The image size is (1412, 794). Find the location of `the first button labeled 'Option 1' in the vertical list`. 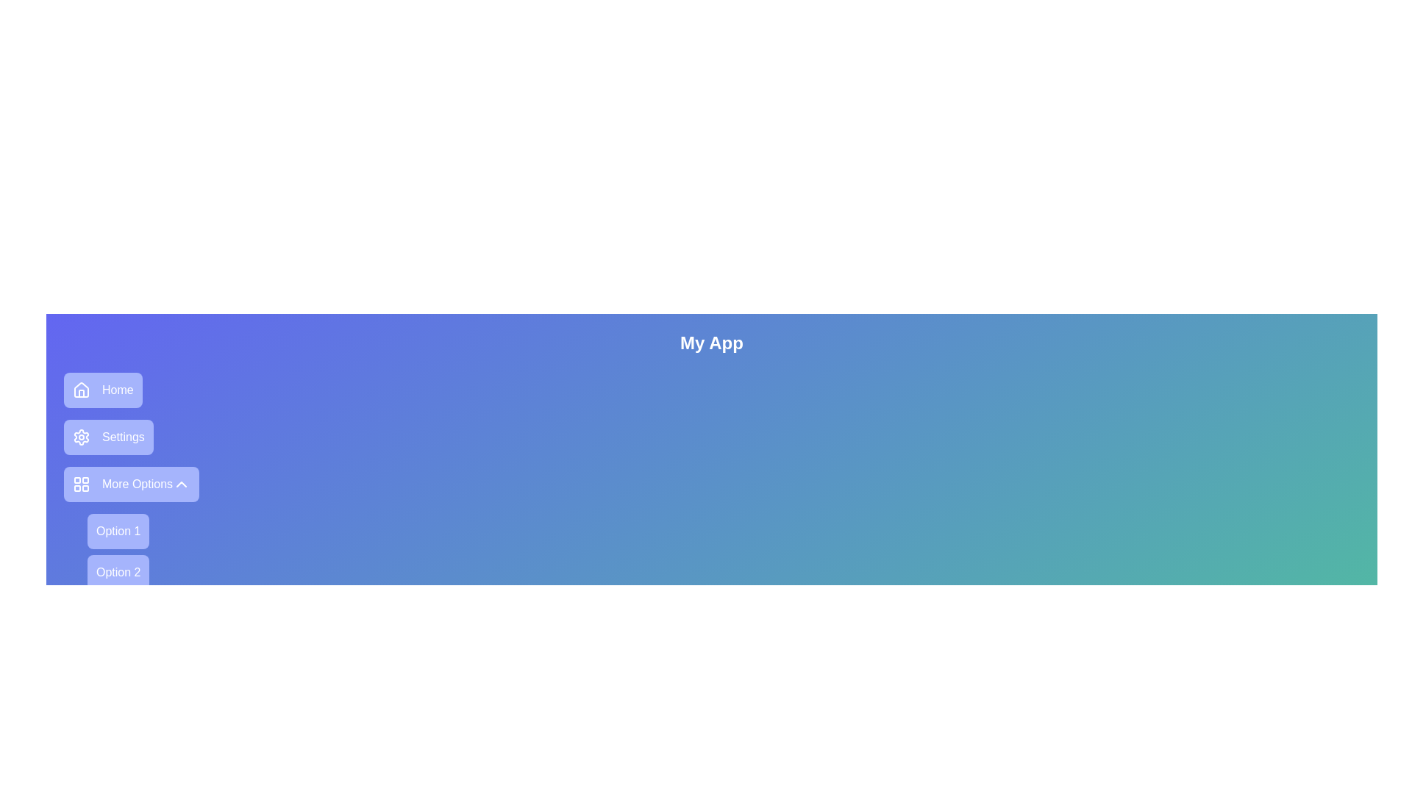

the first button labeled 'Option 1' in the vertical list is located at coordinates (118, 531).